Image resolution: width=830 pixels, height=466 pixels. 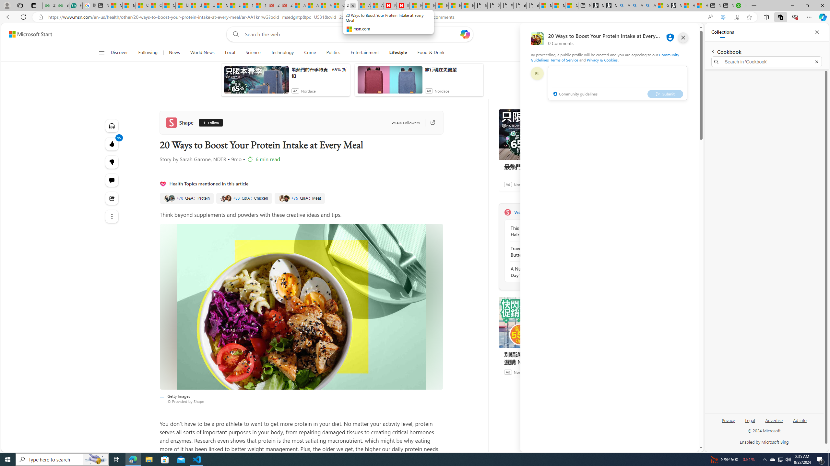 What do you see at coordinates (800, 422) in the screenshot?
I see `'Ad info'` at bounding box center [800, 422].